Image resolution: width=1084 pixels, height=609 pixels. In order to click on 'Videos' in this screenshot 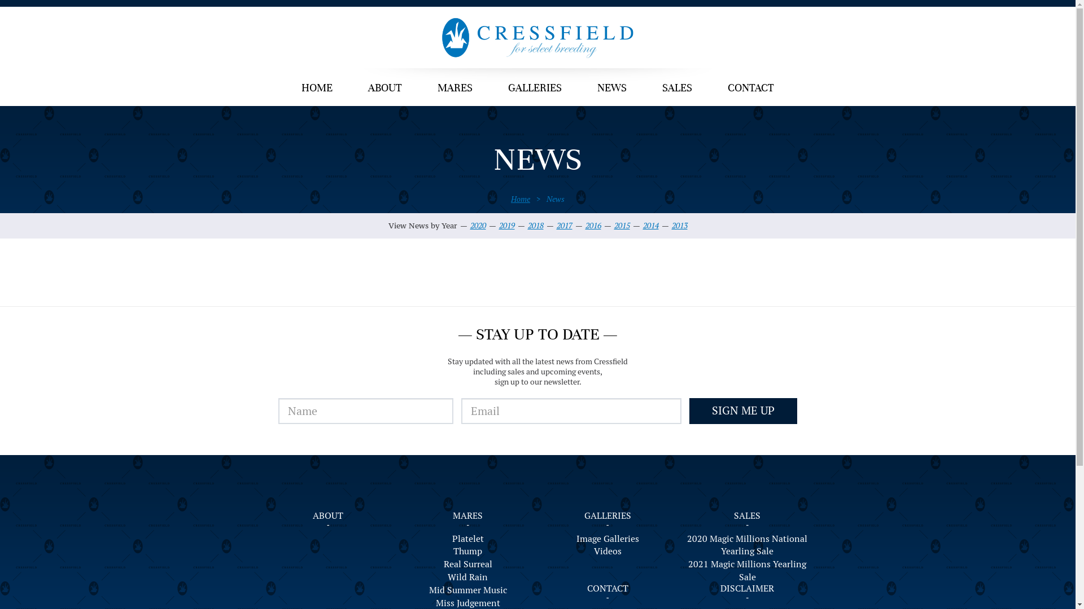, I will do `click(607, 551)`.